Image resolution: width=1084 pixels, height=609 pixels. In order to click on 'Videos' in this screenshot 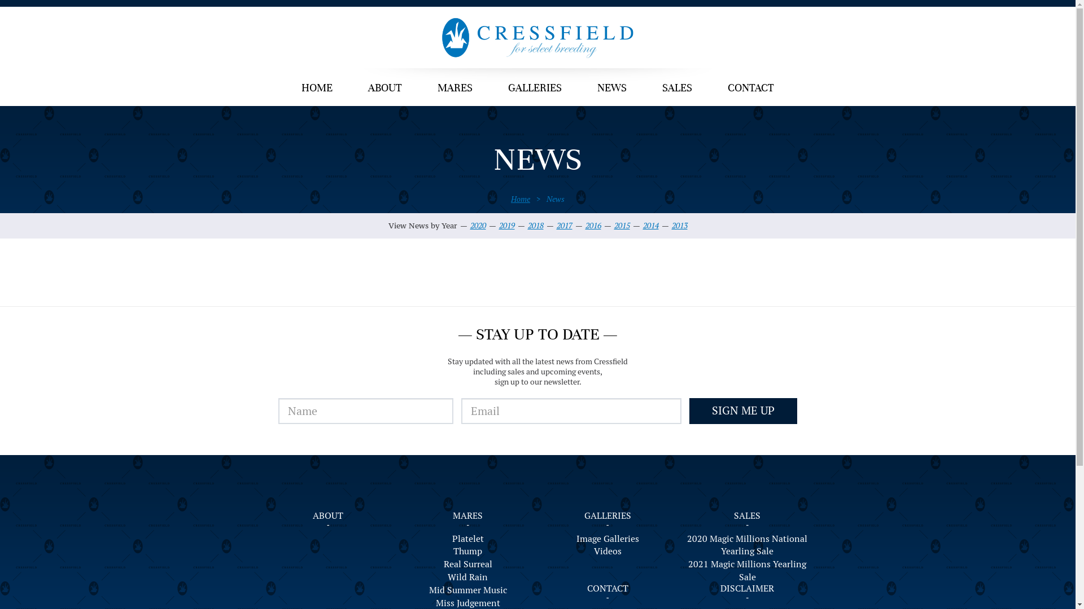, I will do `click(607, 551)`.